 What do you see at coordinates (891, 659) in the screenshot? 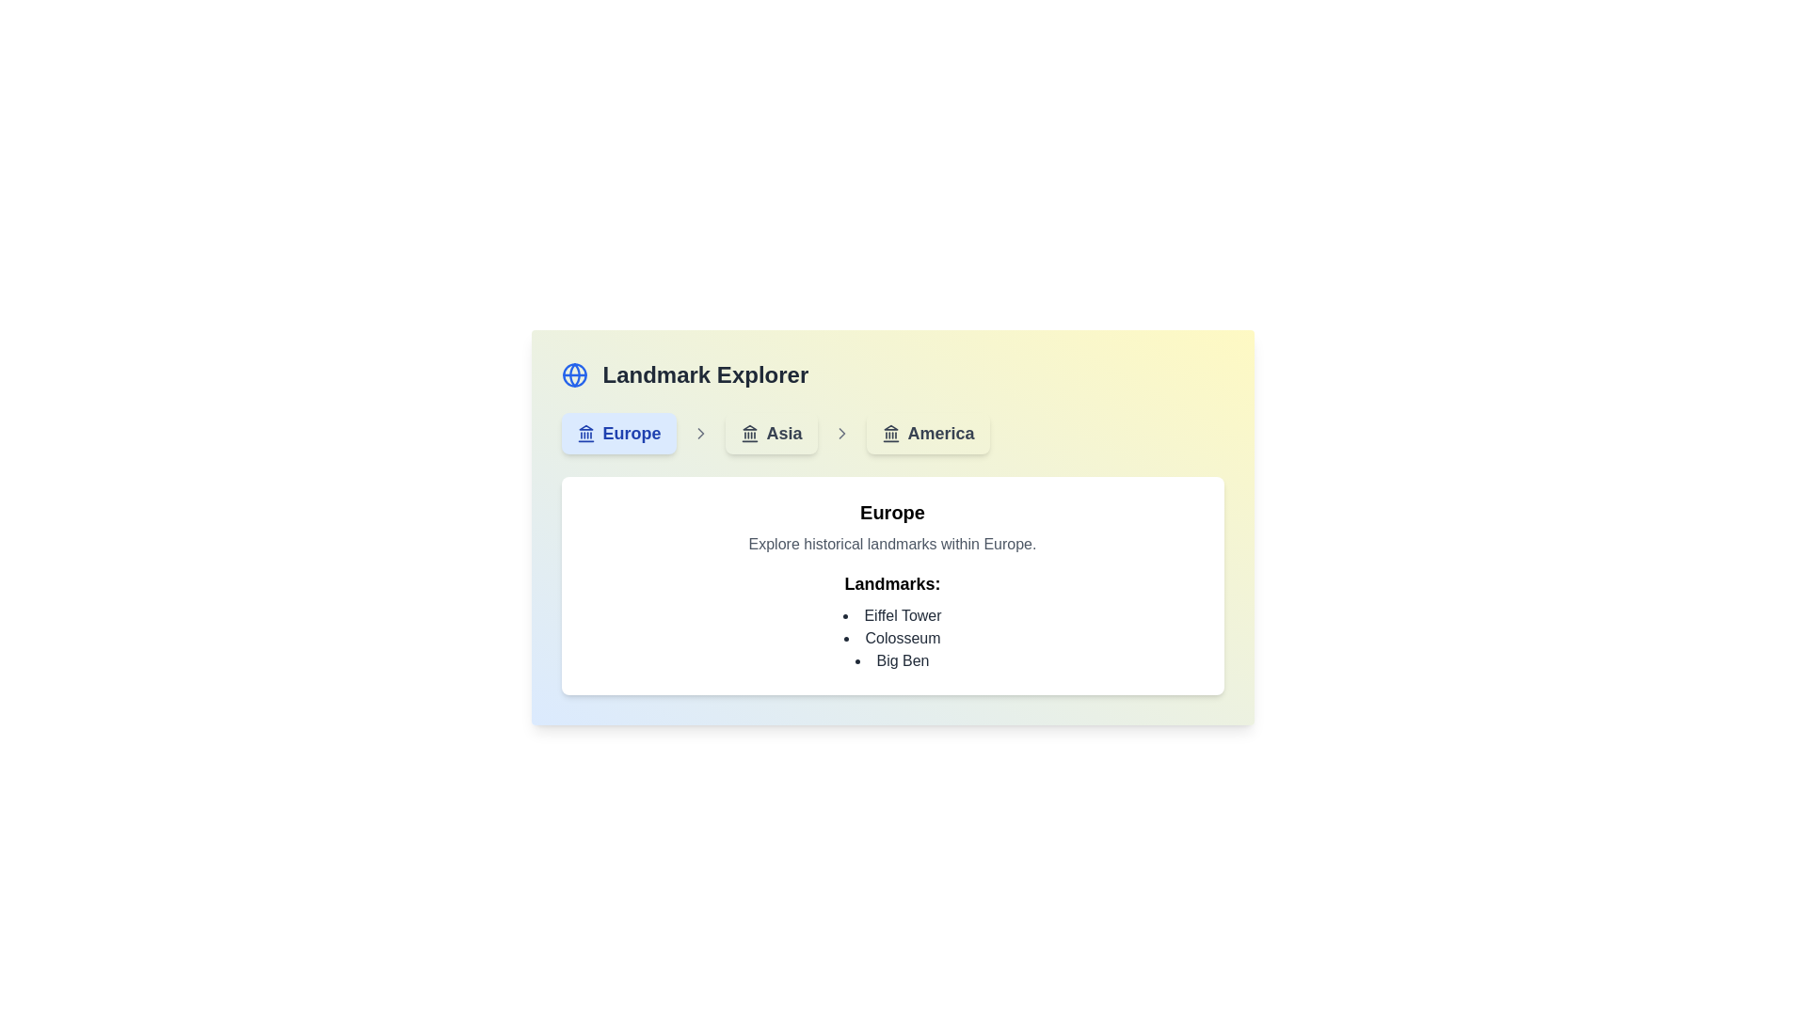
I see `the text 'Big Ben'` at bounding box center [891, 659].